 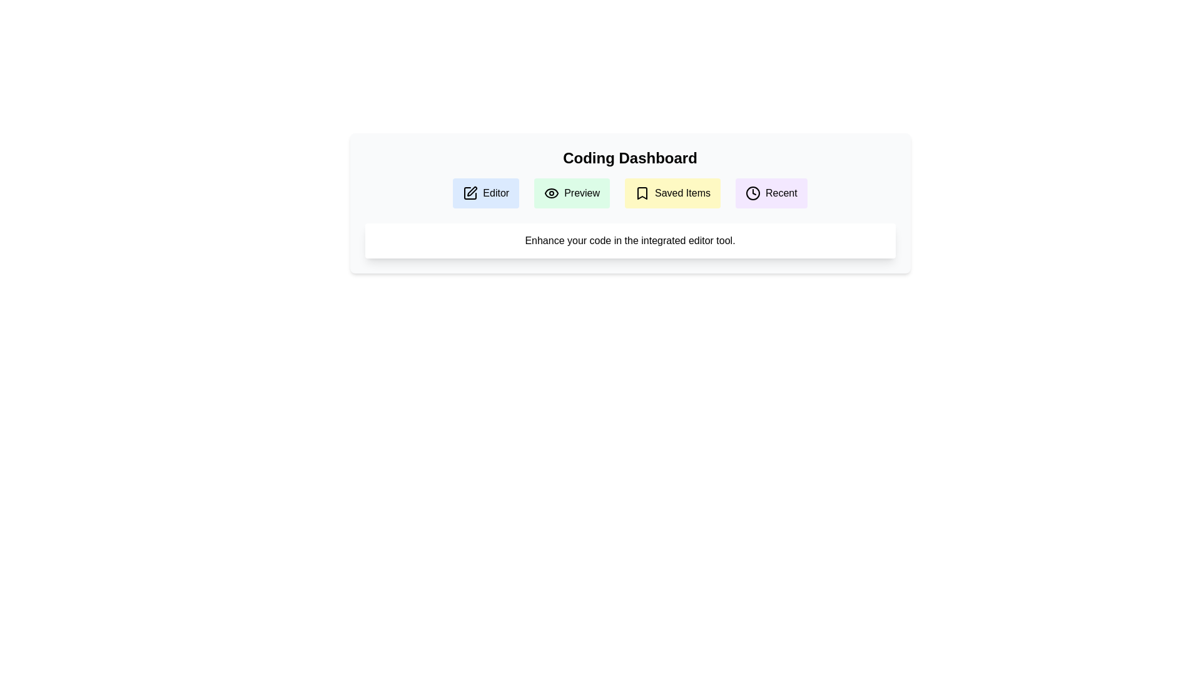 I want to click on the text label located in the leftmost button aligned to the right of the pen icon, so click(x=495, y=193).